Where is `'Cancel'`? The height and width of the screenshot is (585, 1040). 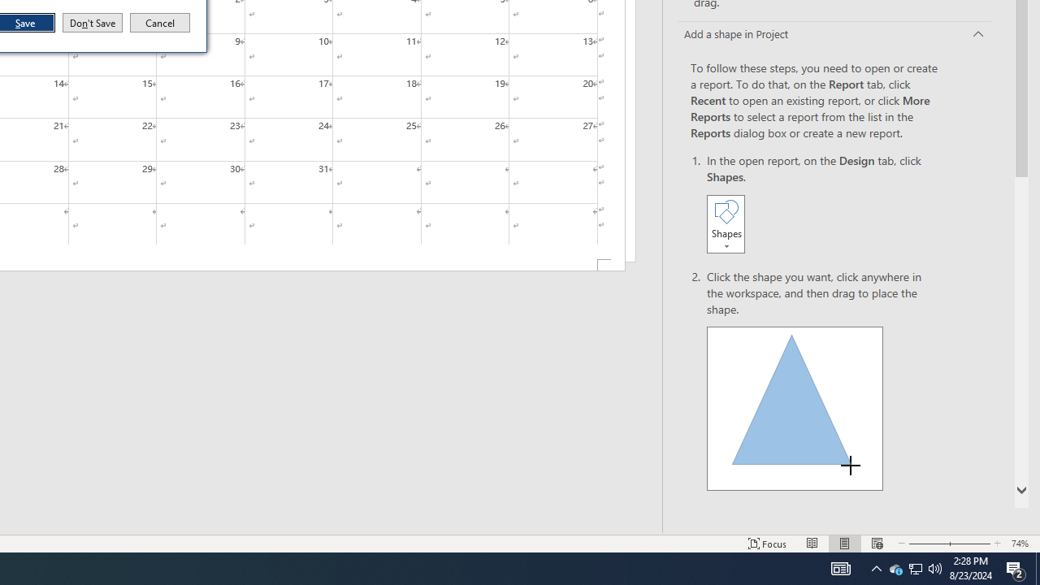 'Cancel' is located at coordinates (160, 23).